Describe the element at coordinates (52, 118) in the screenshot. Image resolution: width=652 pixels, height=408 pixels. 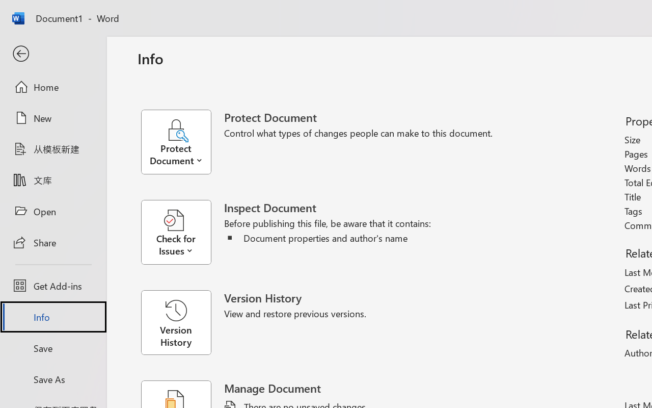
I see `'New'` at that location.